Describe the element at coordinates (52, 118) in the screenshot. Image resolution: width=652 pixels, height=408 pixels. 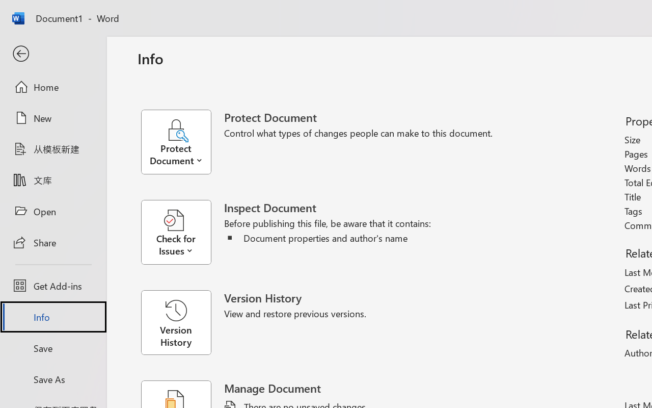
I see `'New'` at that location.